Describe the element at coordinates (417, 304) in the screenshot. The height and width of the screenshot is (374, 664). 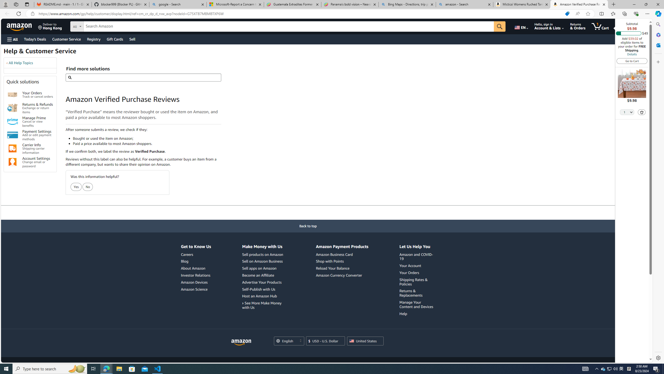
I see `'Manage Your Content and Devices'` at that location.